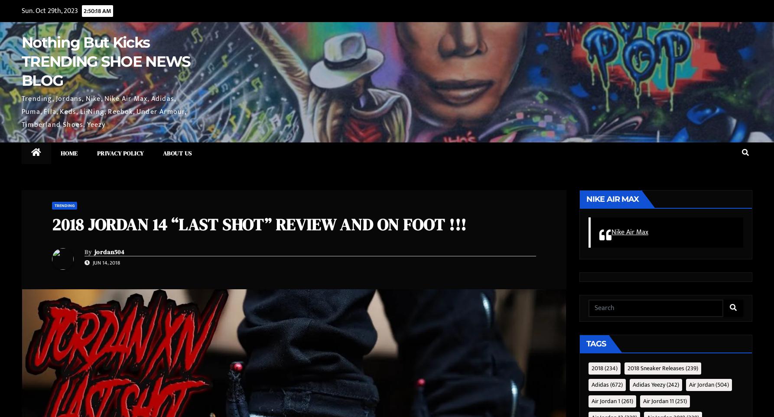  What do you see at coordinates (177, 152) in the screenshot?
I see `'About Us'` at bounding box center [177, 152].